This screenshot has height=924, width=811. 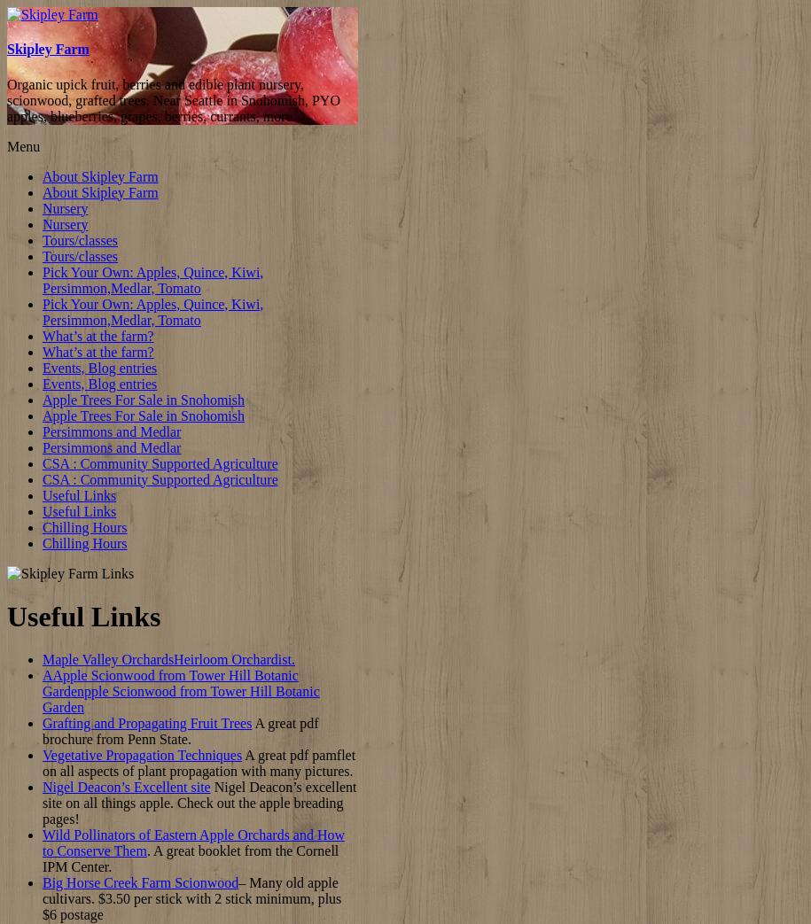 I want to click on '– Many old apple cultivars. $3.50 per stick with 2 stick minimum, plus $6 postage', so click(x=191, y=898).